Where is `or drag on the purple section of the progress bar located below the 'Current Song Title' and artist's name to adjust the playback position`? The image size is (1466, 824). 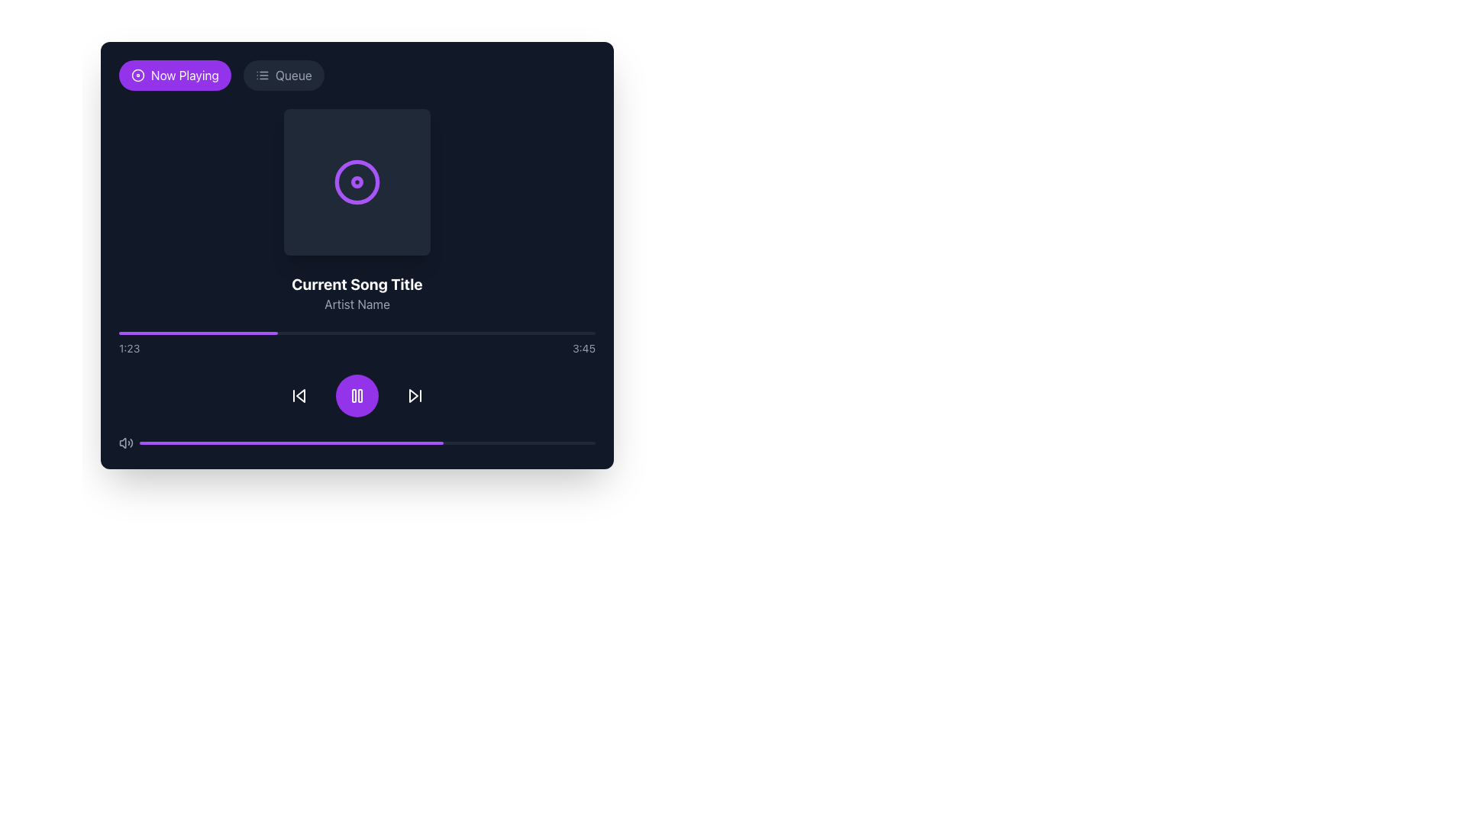 or drag on the purple section of the progress bar located below the 'Current Song Title' and artist's name to adjust the playback position is located at coordinates (356, 344).